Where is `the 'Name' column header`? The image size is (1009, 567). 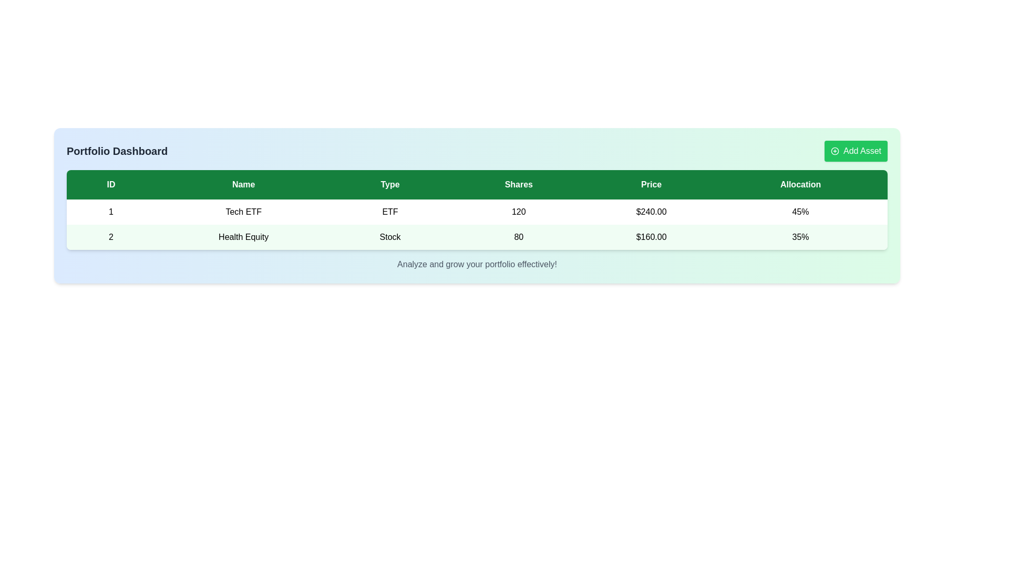
the 'Name' column header is located at coordinates (243, 184).